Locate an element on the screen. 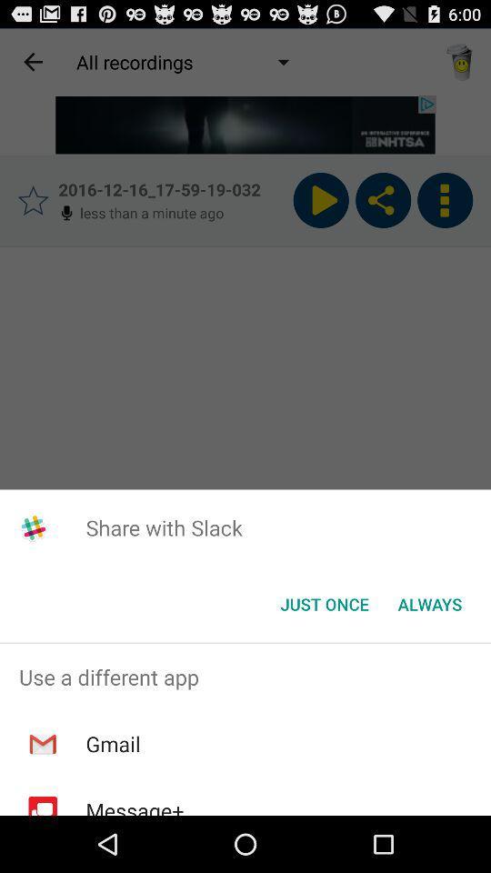  the button to the right of the just once icon is located at coordinates (429, 604).